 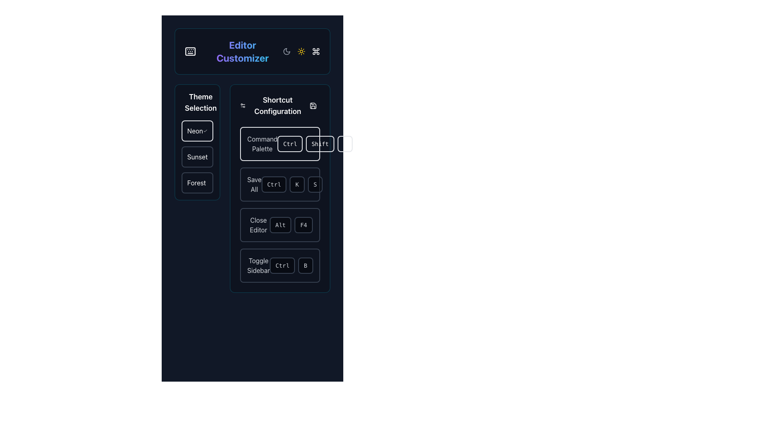 I want to click on text content of the Text label displaying 'Shortcut Configuration' with a gear icon, located centrally in the header section, so click(x=273, y=105).